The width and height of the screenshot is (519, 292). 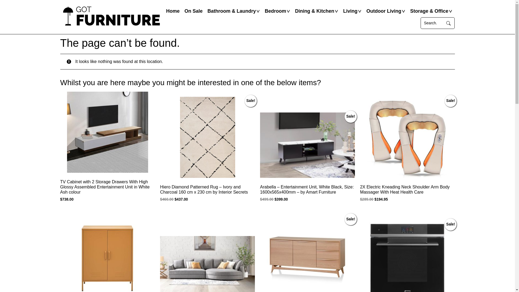 What do you see at coordinates (182, 11) in the screenshot?
I see `'On Sale'` at bounding box center [182, 11].